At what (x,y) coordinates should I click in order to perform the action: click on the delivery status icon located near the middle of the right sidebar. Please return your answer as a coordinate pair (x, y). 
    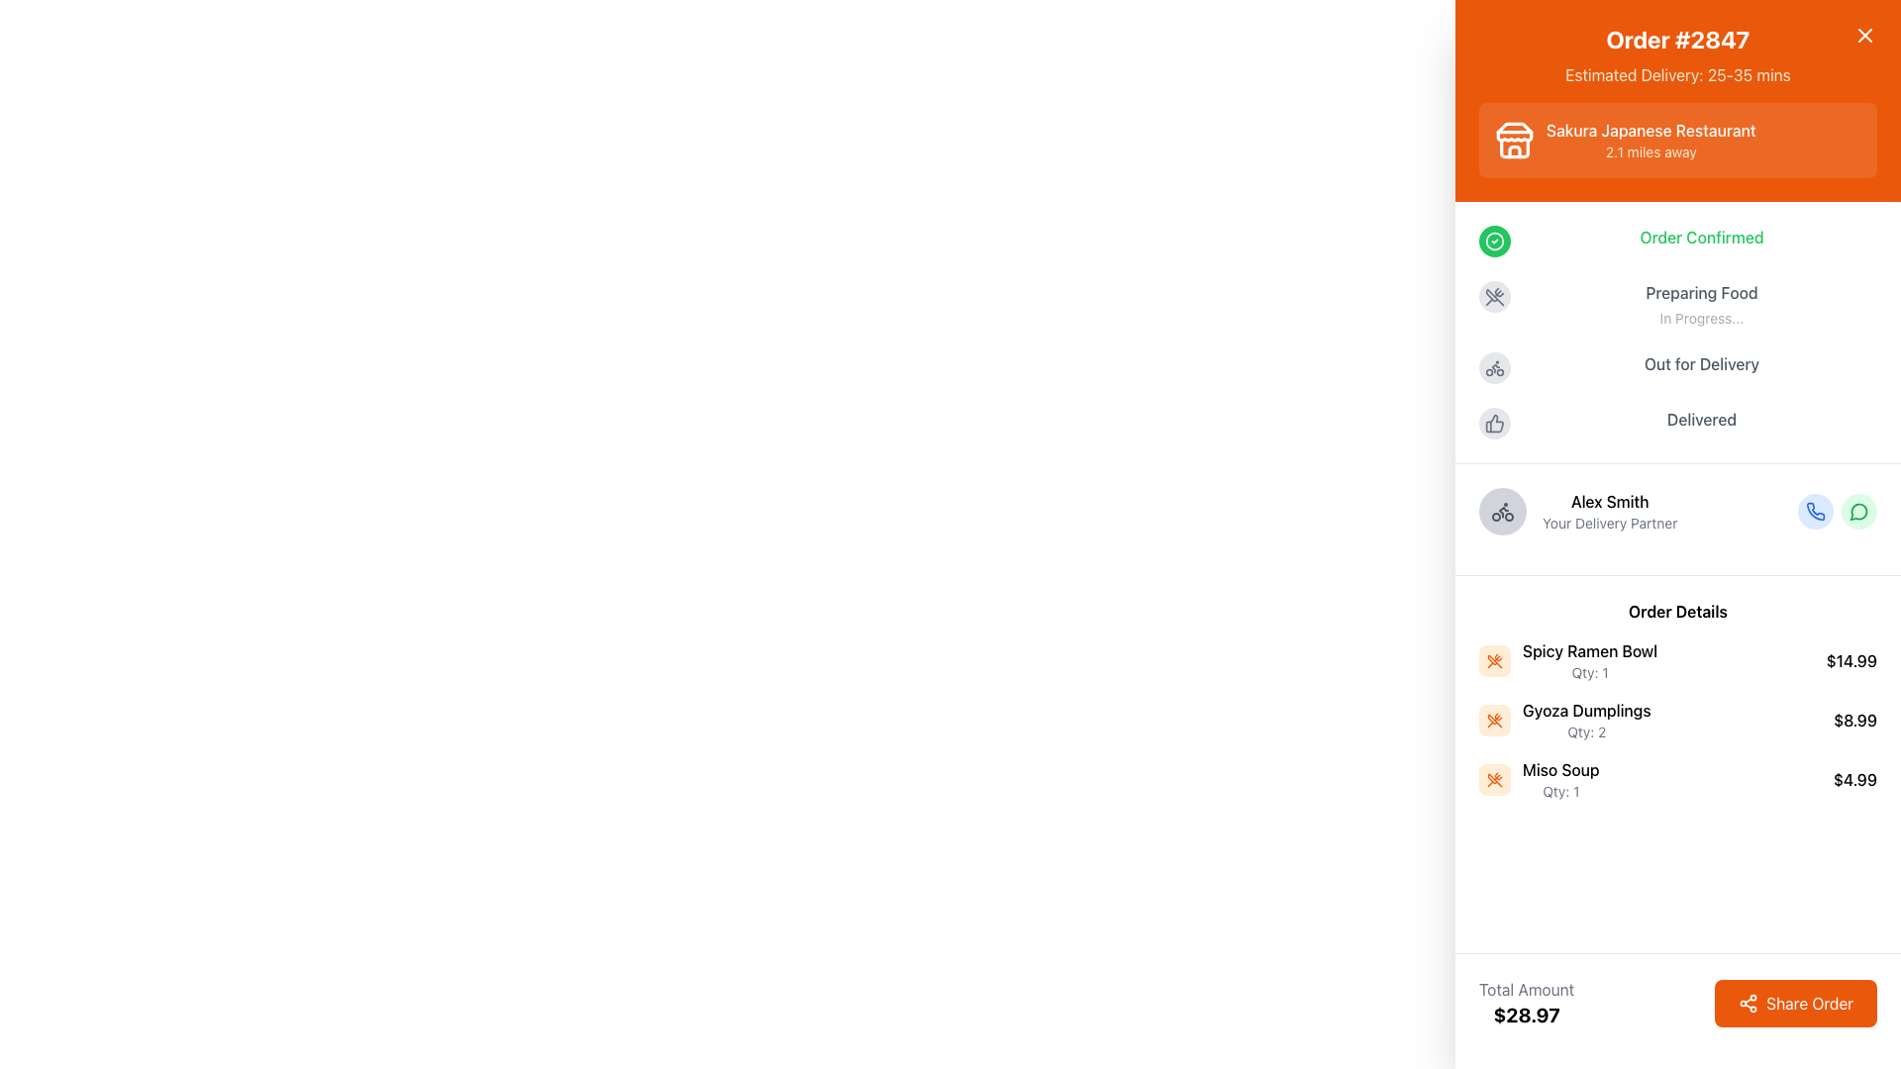
    Looking at the image, I should click on (1495, 297).